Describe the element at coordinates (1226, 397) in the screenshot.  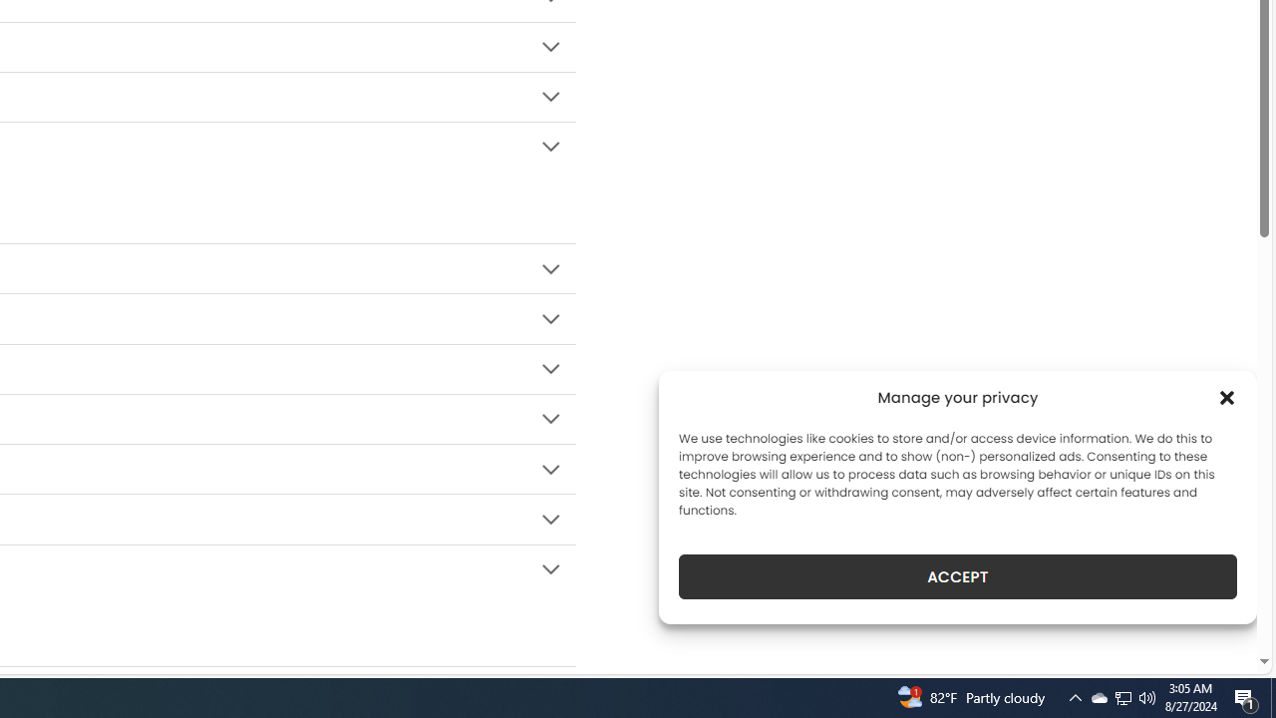
I see `'Class: cmplz-close'` at that location.